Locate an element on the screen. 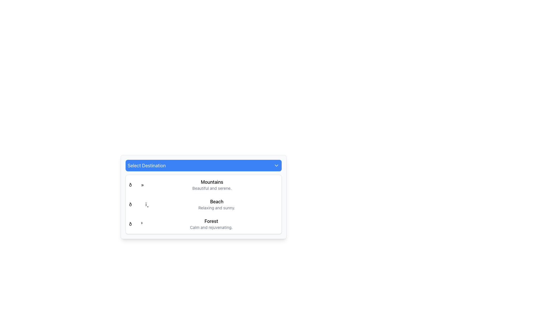 The image size is (553, 311). textual description 'Calm and rejuvenating.' located below the 'Forest' heading in the dropdown menu is located at coordinates (211, 227).